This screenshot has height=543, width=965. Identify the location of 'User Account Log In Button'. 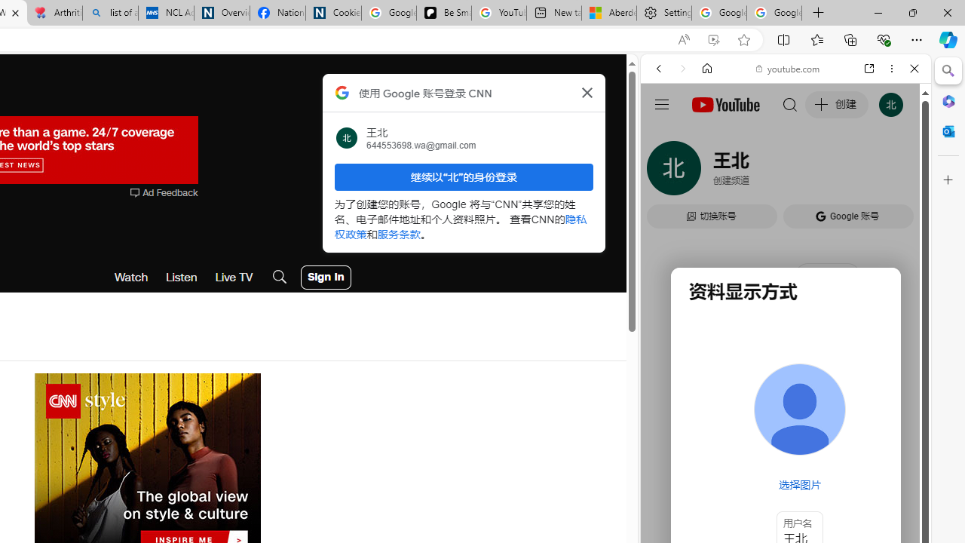
(325, 277).